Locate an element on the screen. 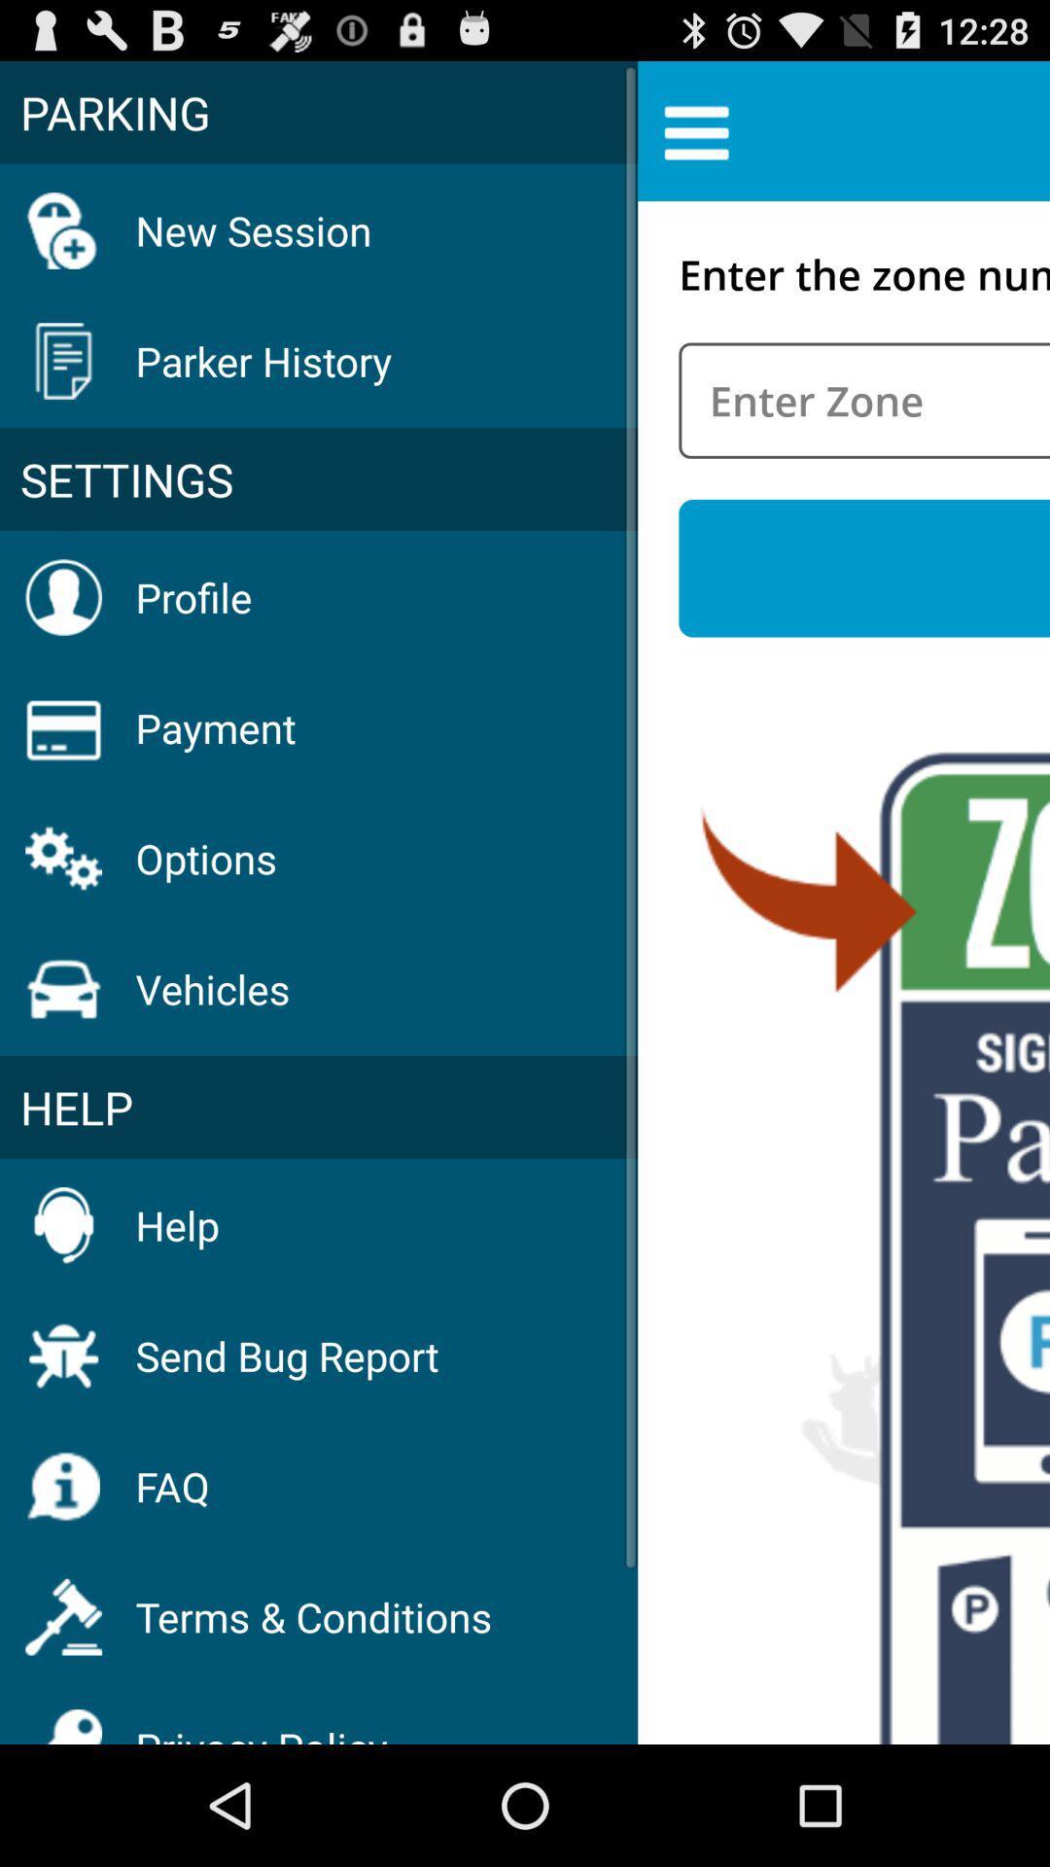 This screenshot has height=1867, width=1050. the settings icon is located at coordinates (318, 479).